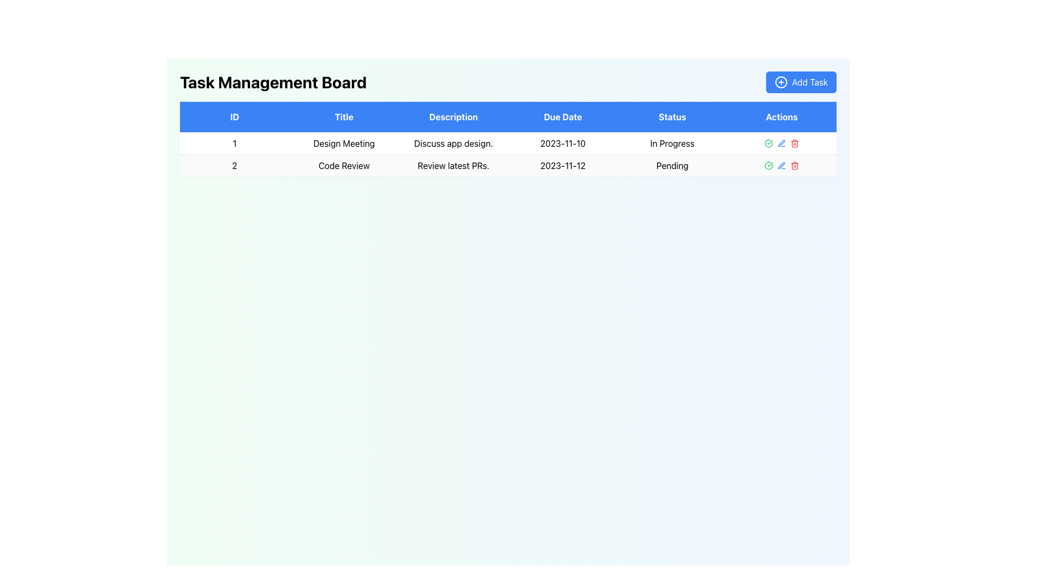 This screenshot has width=1041, height=585. Describe the element at coordinates (453, 143) in the screenshot. I see `the task description text labeled 'Design Meeting' in the task management table` at that location.